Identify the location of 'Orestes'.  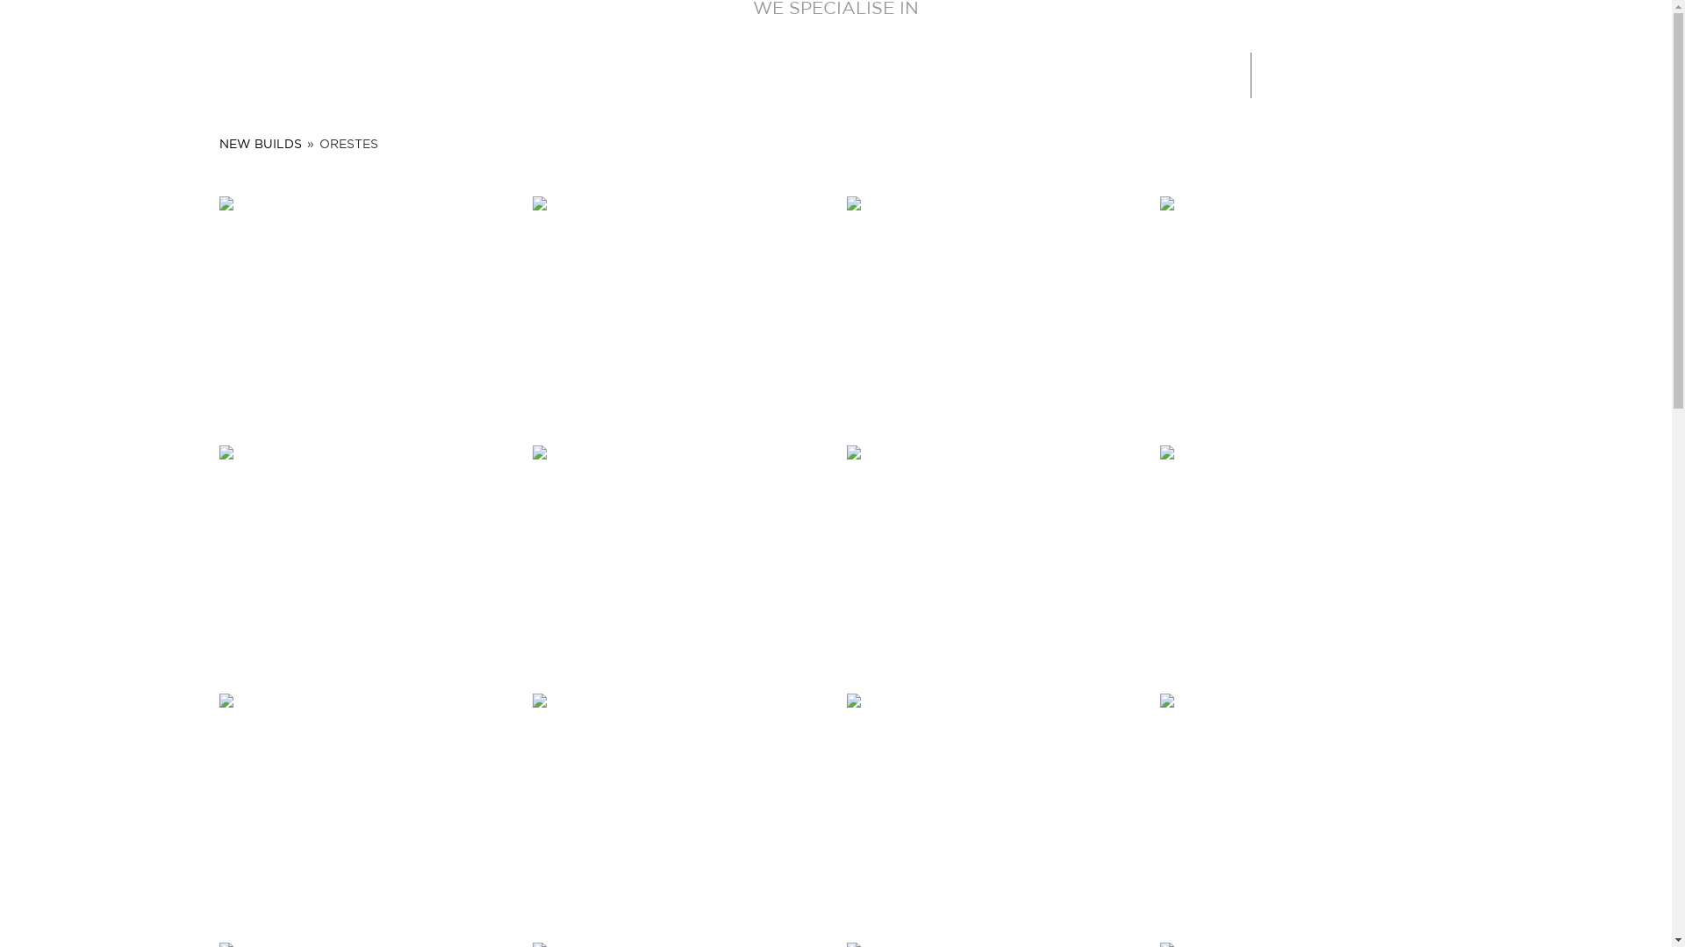
(993, 807).